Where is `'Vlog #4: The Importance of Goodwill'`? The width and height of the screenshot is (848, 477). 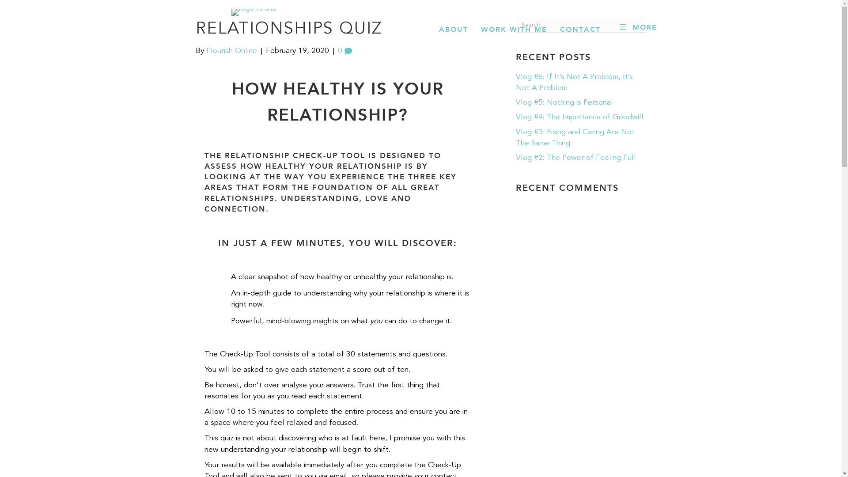 'Vlog #4: The Importance of Goodwill' is located at coordinates (579, 117).